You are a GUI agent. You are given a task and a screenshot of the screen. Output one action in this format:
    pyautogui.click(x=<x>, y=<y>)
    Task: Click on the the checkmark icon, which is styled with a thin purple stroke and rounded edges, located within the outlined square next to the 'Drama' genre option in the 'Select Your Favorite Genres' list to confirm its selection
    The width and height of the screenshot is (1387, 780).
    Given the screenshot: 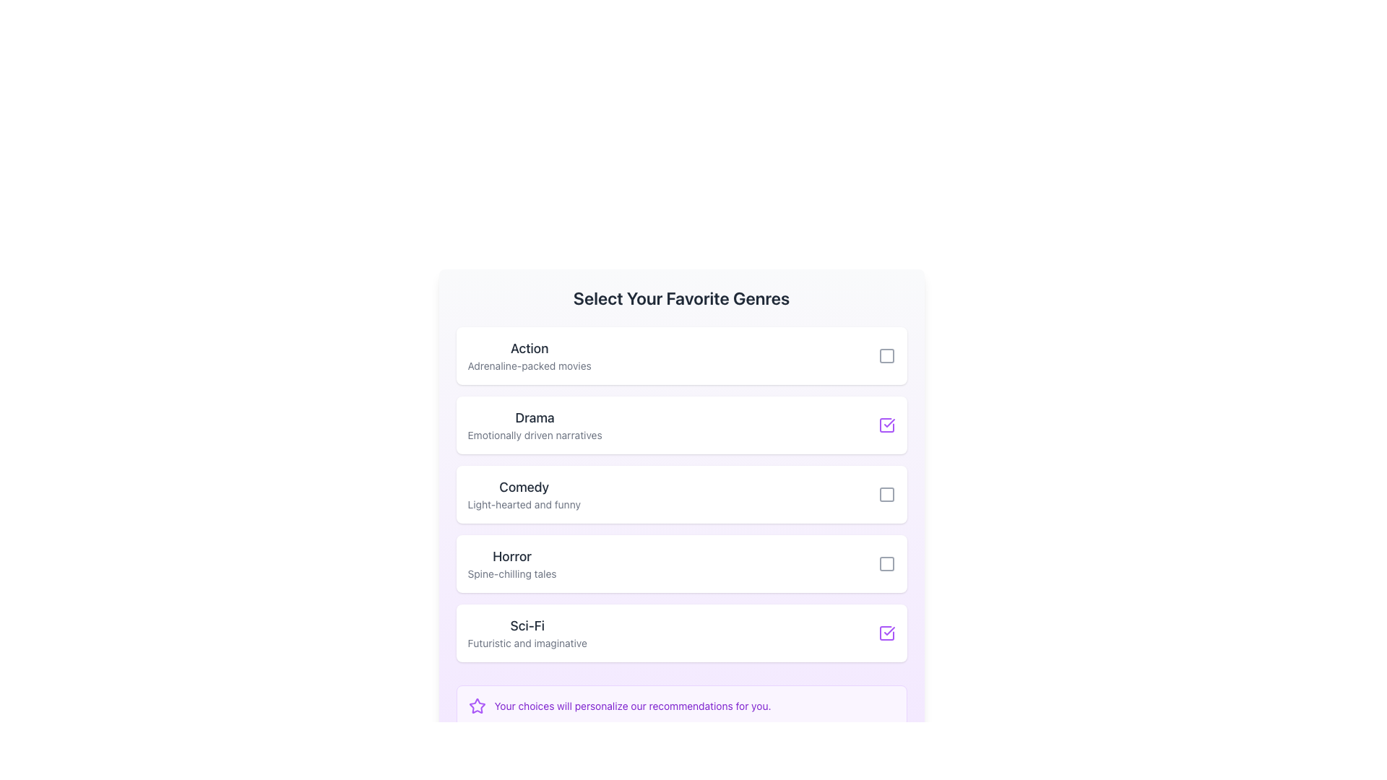 What is the action you would take?
    pyautogui.click(x=888, y=422)
    